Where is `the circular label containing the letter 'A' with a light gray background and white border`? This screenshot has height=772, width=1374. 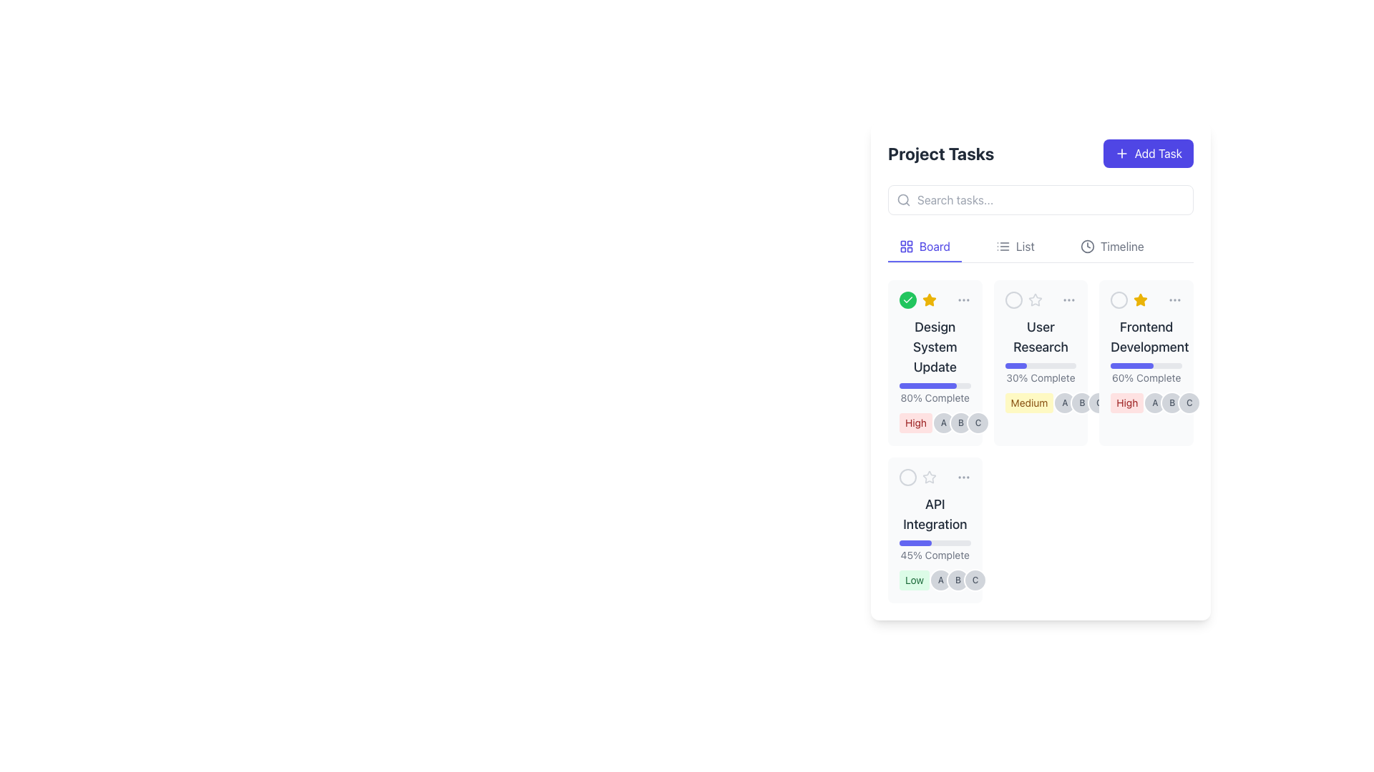
the circular label containing the letter 'A' with a light gray background and white border is located at coordinates (1065, 402).